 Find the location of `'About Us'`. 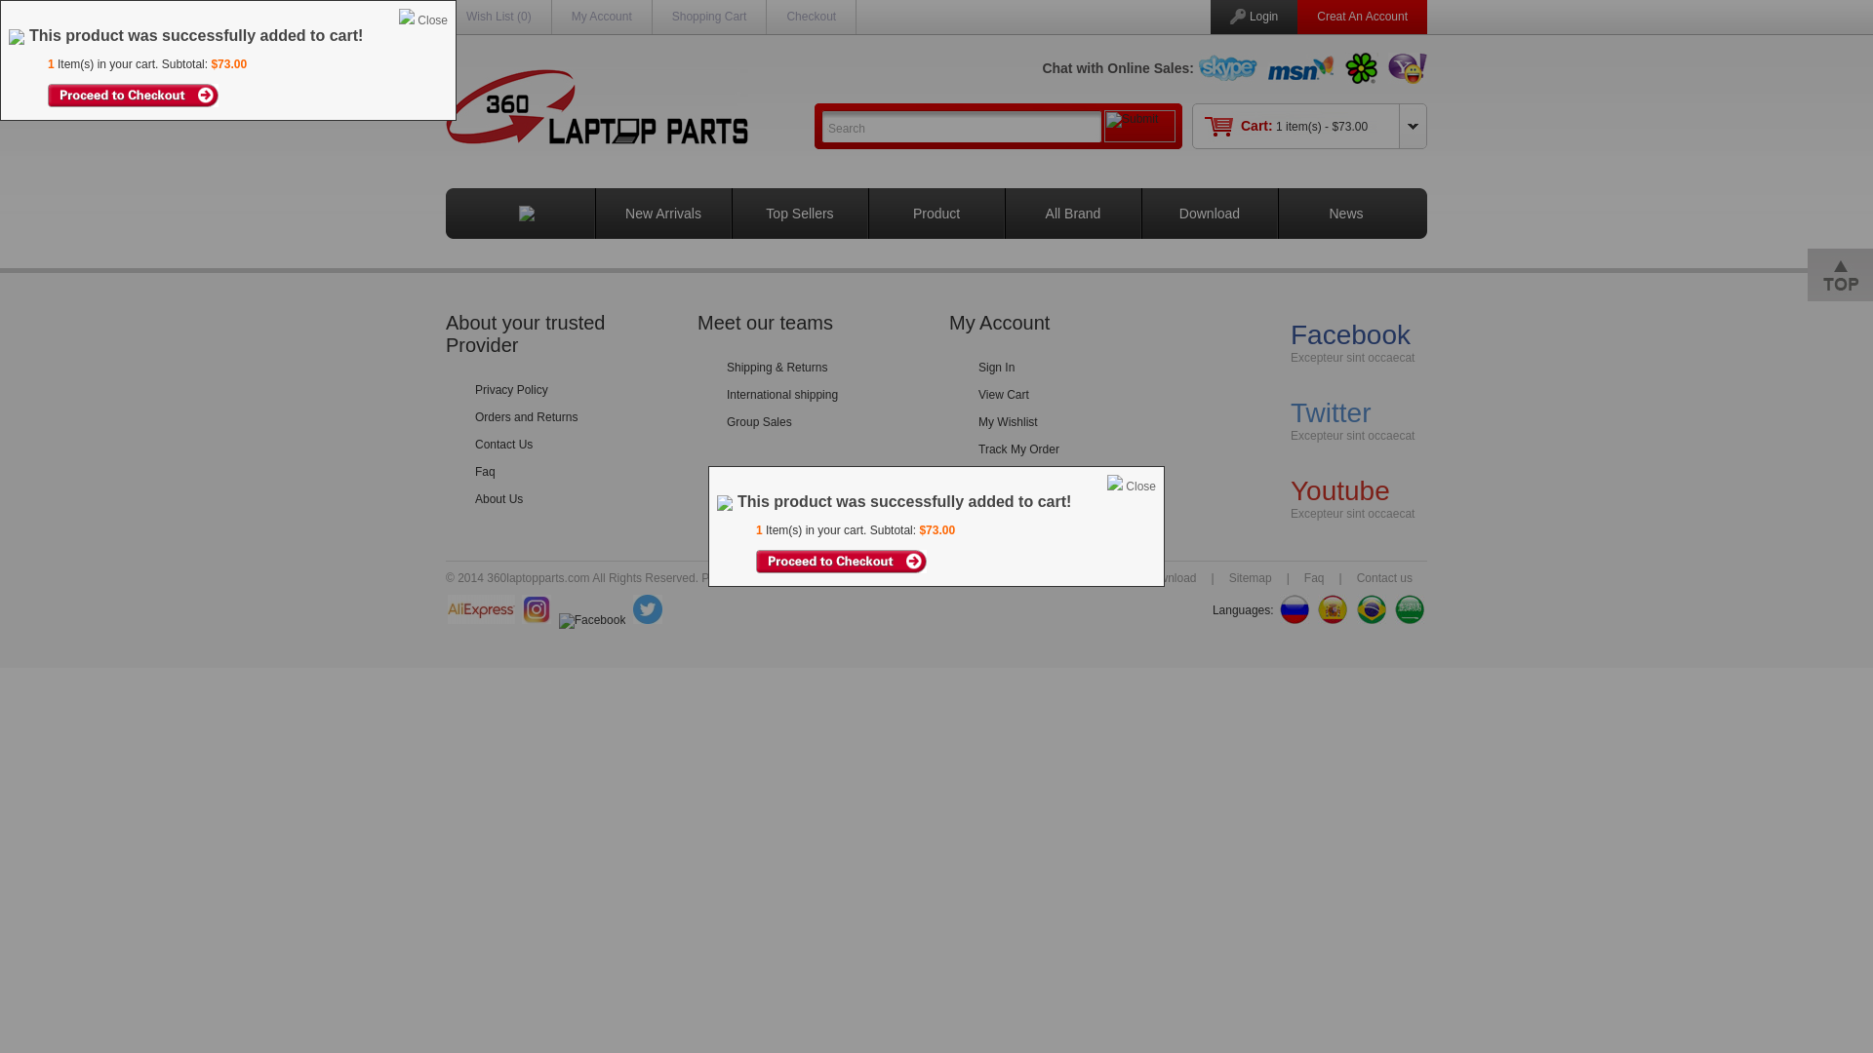

'About Us' is located at coordinates (498, 498).